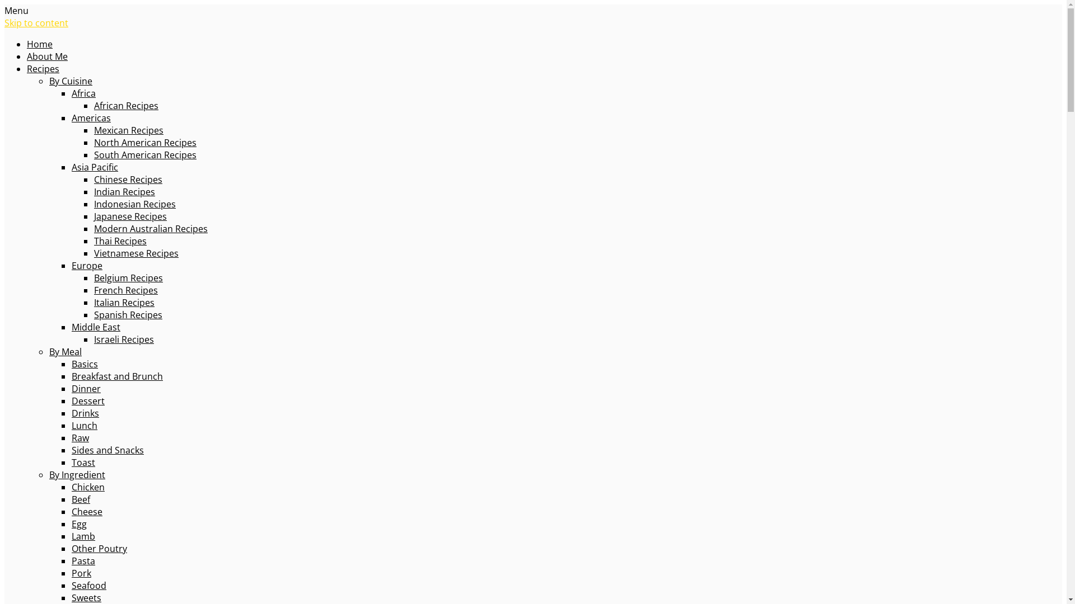  Describe the element at coordinates (124, 338) in the screenshot. I see `'Israeli Recipes'` at that location.